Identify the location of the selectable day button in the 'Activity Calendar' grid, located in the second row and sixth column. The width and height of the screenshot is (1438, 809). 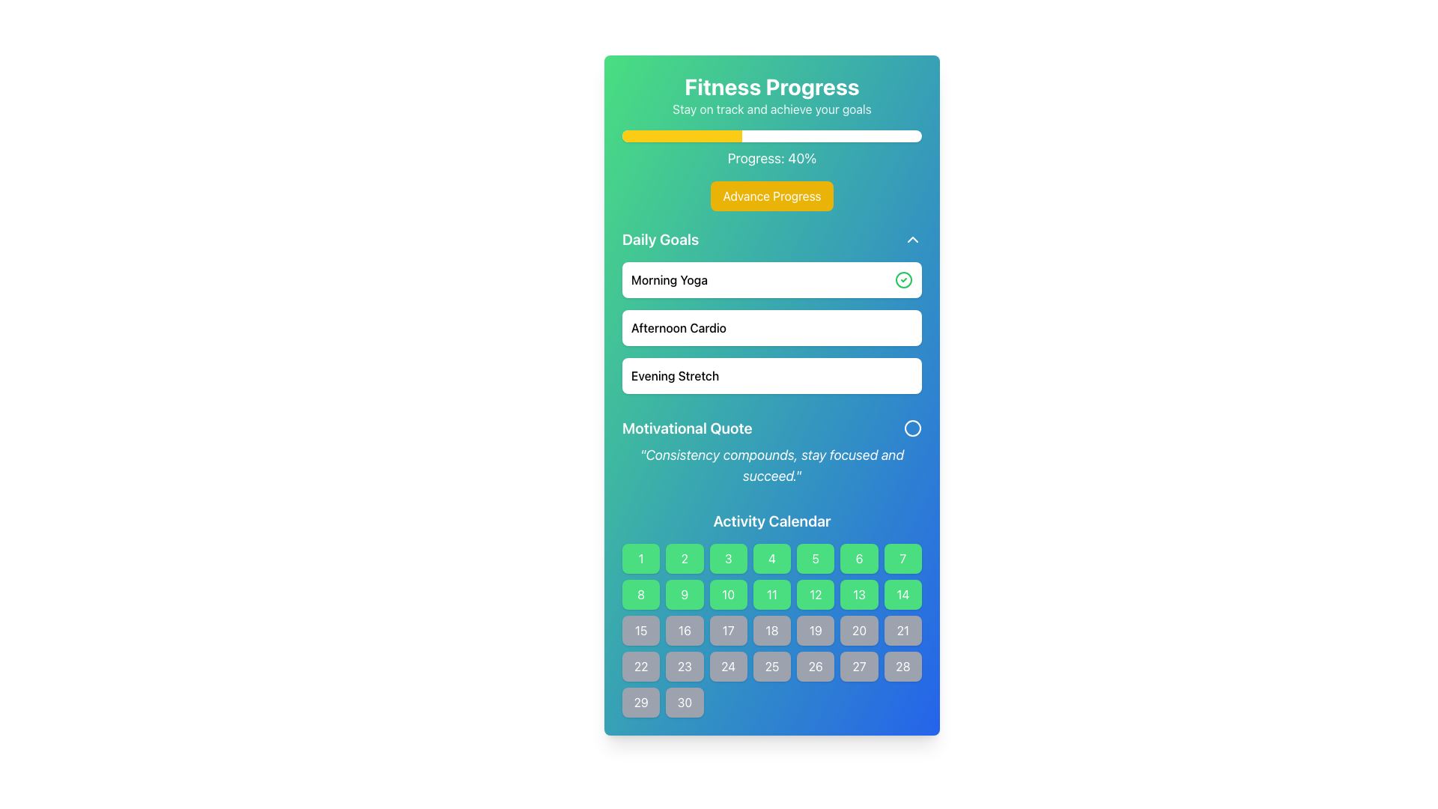
(859, 594).